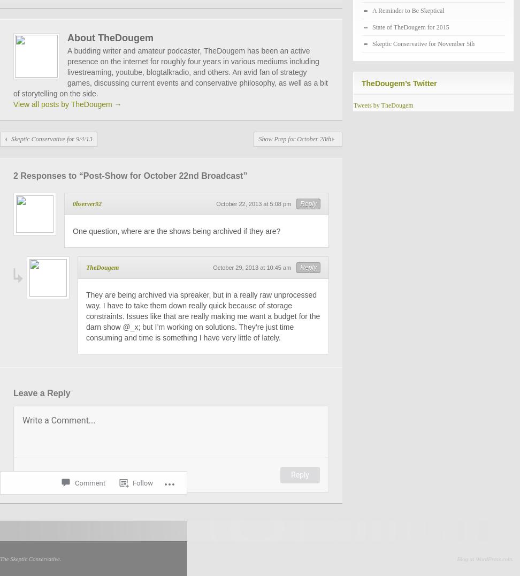 The width and height of the screenshot is (520, 576). Describe the element at coordinates (353, 105) in the screenshot. I see `'Tweets by TheDougem'` at that location.